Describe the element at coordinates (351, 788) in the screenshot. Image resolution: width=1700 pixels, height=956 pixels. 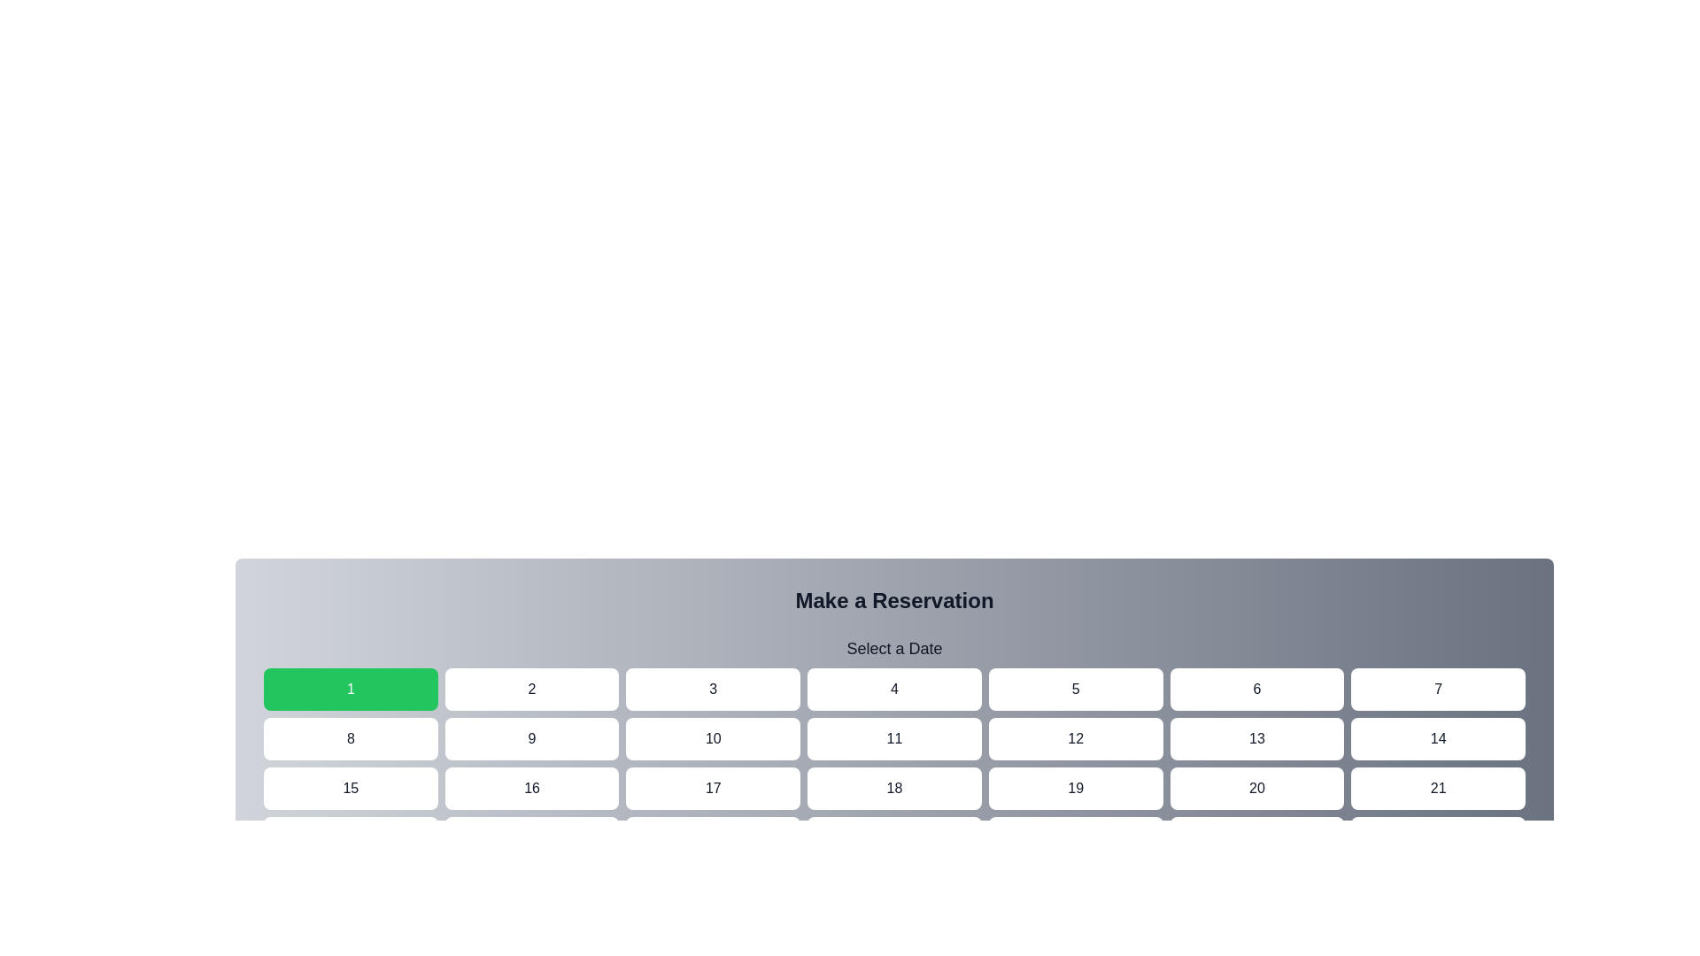
I see `the button in the first column of the third row in a 7-column grid layout` at that location.